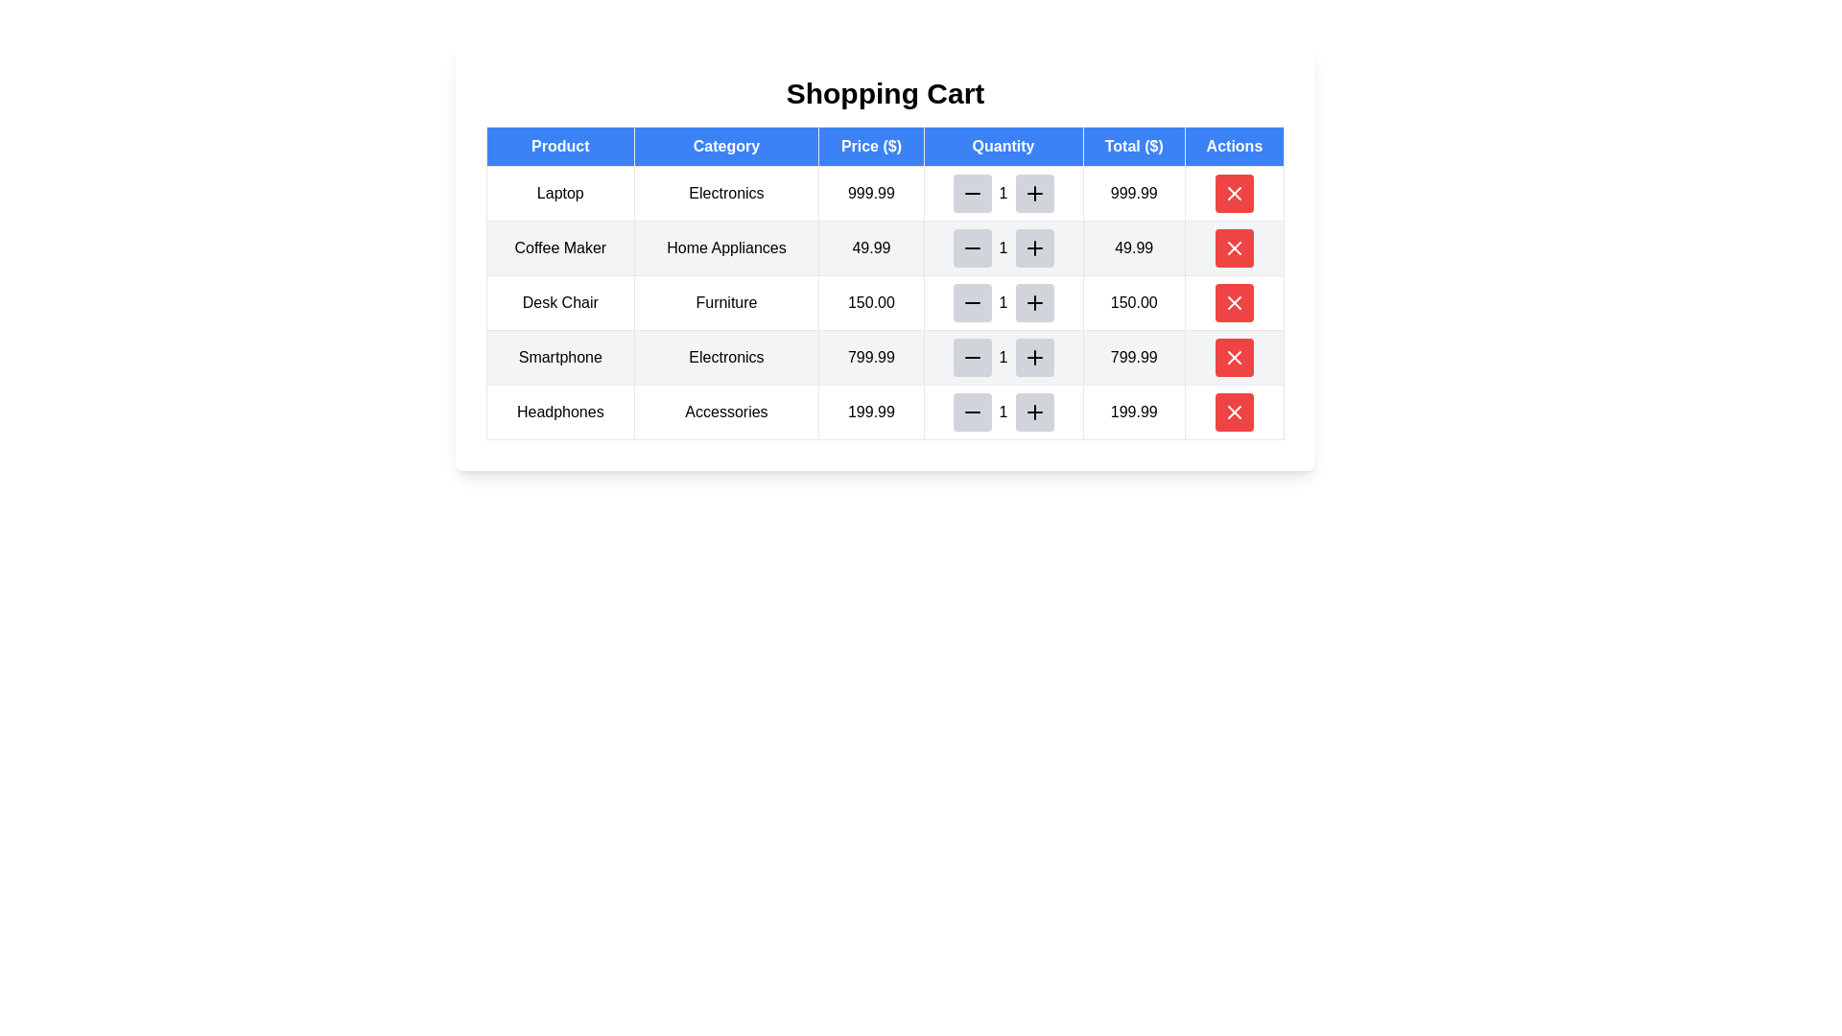  What do you see at coordinates (1033, 358) in the screenshot?
I see `the gray square button with a black plus icon located in the Quantity column of the fourth row of the shopping cart table for the 'Smartphone' product to increment the quantity` at bounding box center [1033, 358].